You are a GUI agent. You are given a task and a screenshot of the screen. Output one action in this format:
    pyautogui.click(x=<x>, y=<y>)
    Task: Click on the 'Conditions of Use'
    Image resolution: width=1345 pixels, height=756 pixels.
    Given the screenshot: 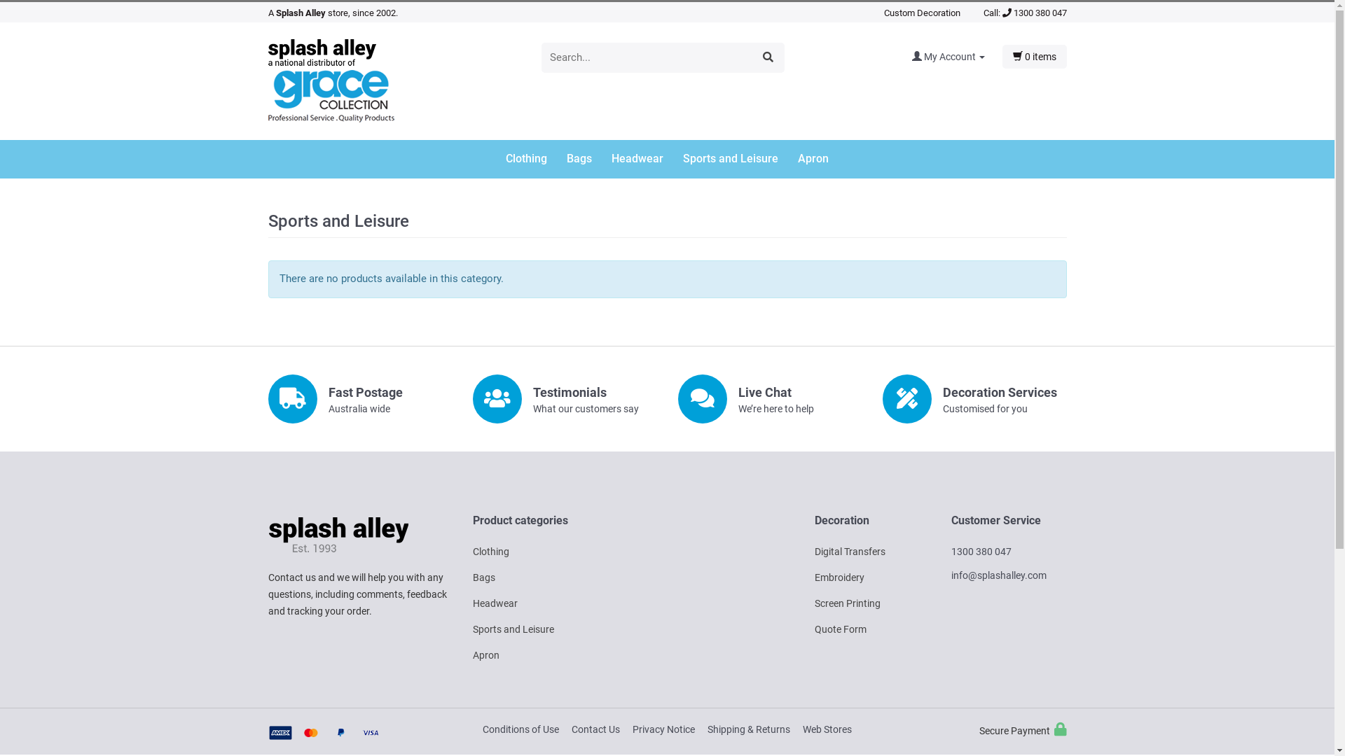 What is the action you would take?
    pyautogui.click(x=520, y=728)
    